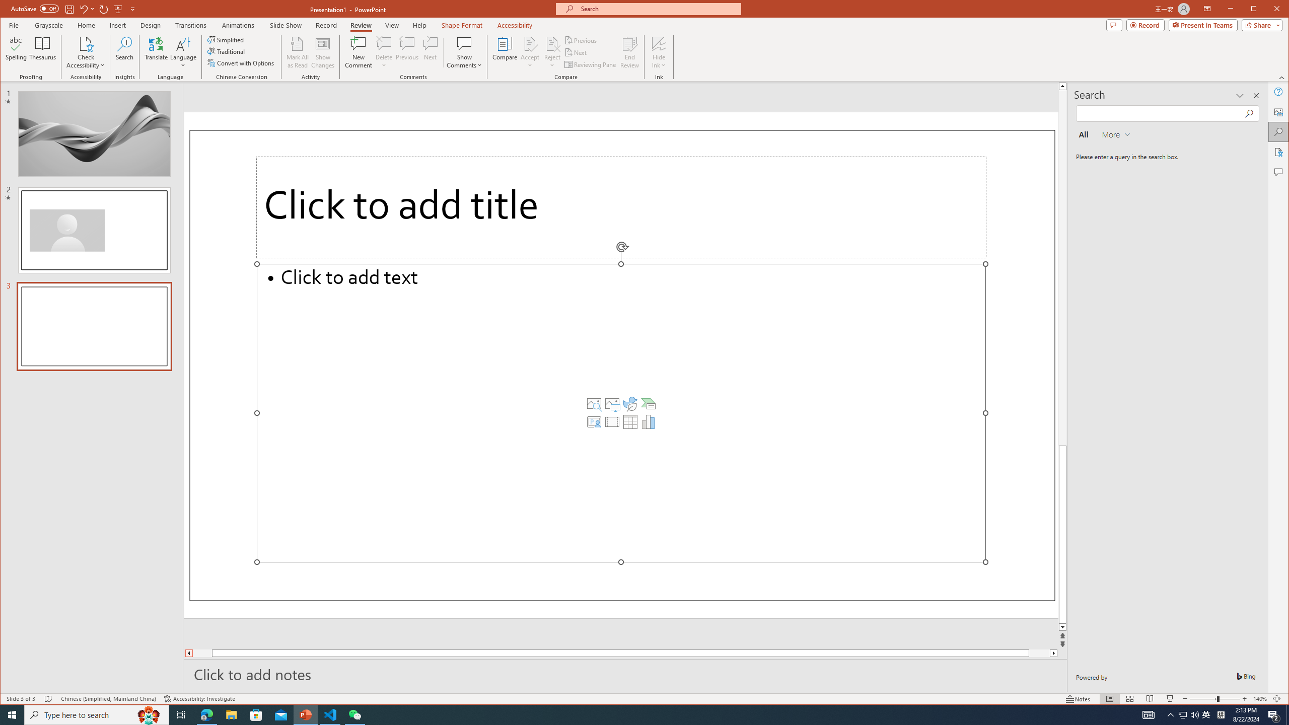 This screenshot has height=725, width=1289. Describe the element at coordinates (552, 43) in the screenshot. I see `'Reject Change'` at that location.